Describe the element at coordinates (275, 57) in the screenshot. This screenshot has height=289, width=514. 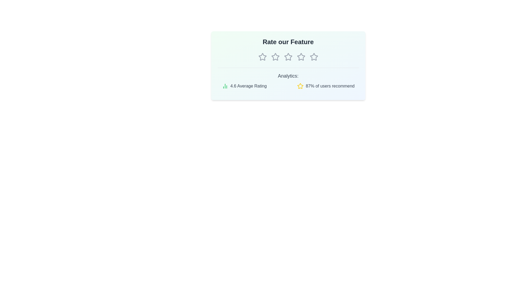
I see `the star corresponding to 2 stars to preview the rating` at that location.